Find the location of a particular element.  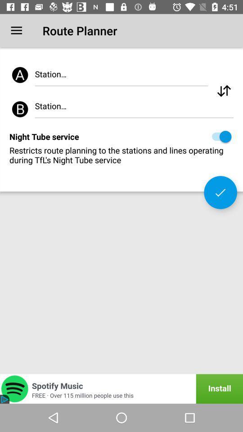

changes is located at coordinates (220, 192).